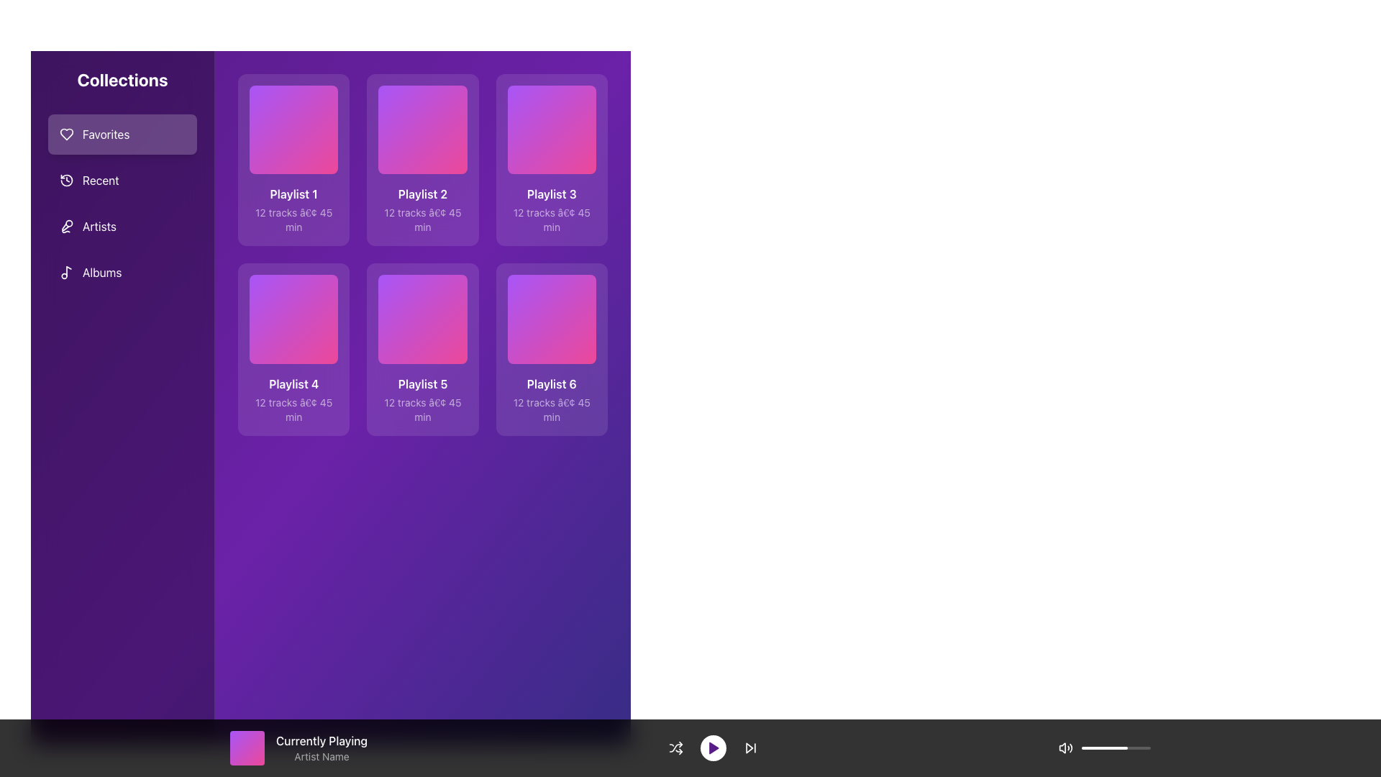  What do you see at coordinates (293, 160) in the screenshot?
I see `the first playlist item card in the grid` at bounding box center [293, 160].